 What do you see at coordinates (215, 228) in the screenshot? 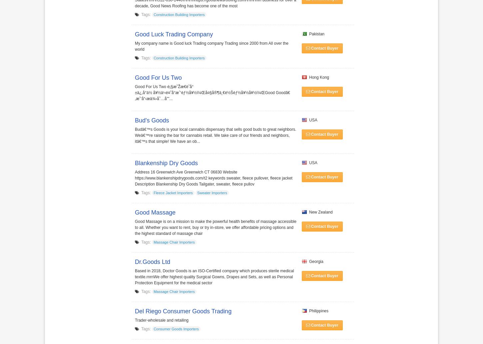
I see `'Good Massage is on a mission to make the powerful health benefits of massage accessible to all. Whether you want to rent, buy or try in-store, we offer affordable pricing options and the highest standard of massage chair'` at bounding box center [215, 228].